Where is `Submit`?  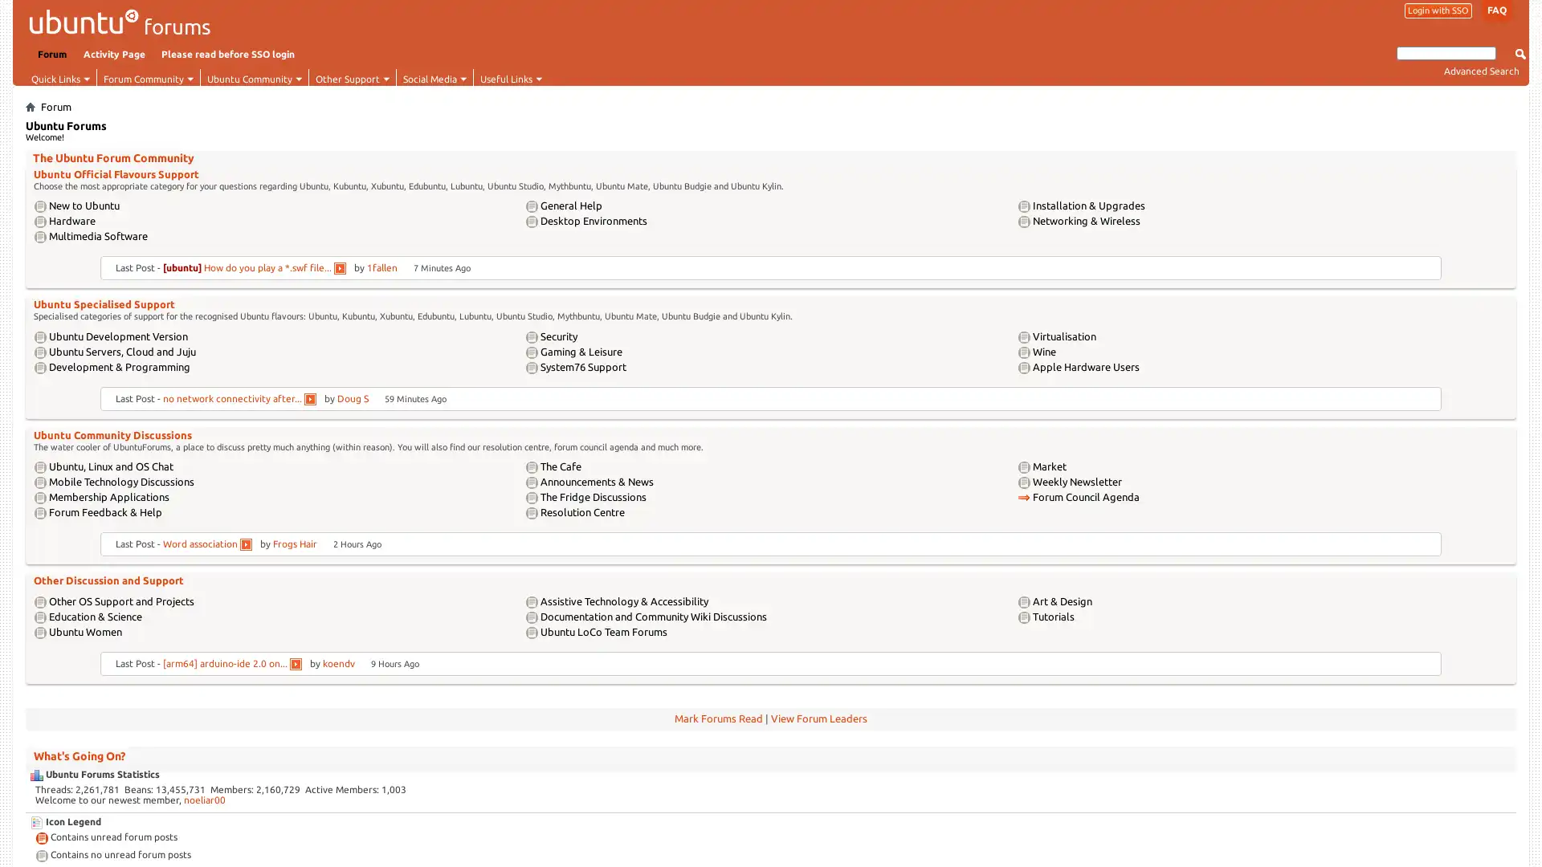
Submit is located at coordinates (1520, 51).